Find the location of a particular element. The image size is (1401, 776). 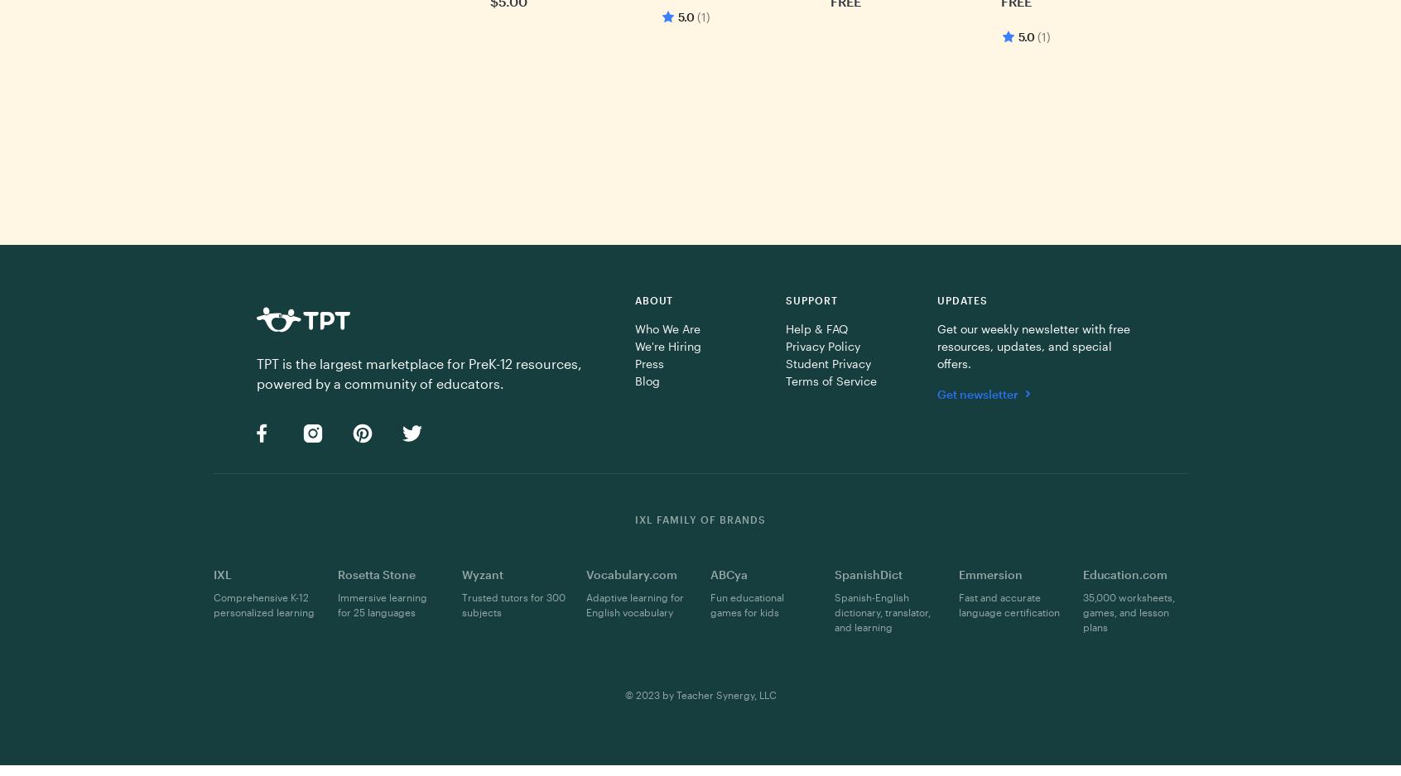

'Blog' is located at coordinates (647, 379).